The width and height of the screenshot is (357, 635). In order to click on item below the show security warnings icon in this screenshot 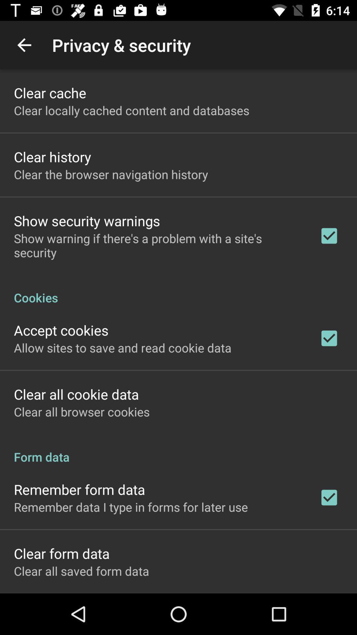, I will do `click(158, 245)`.